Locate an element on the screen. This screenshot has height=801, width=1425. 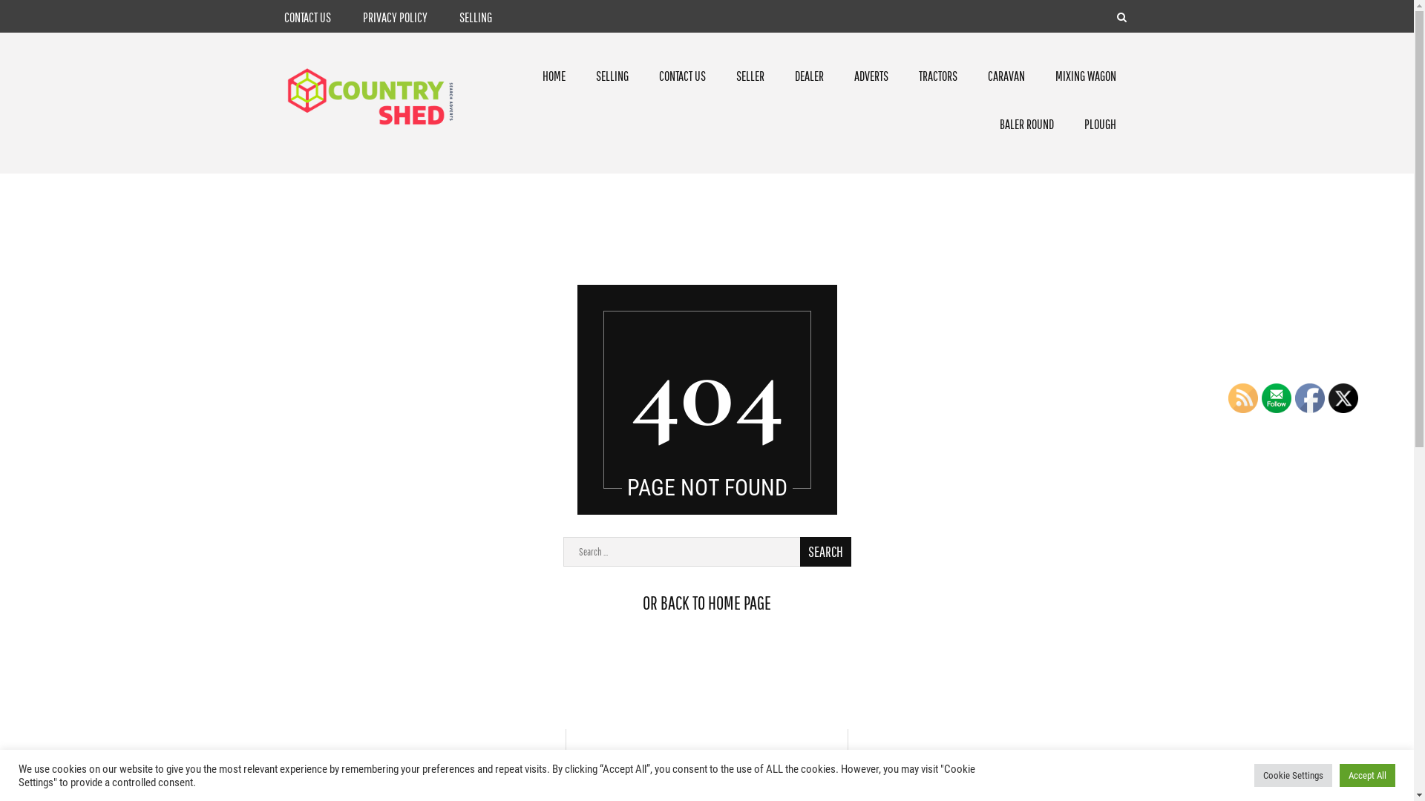
'HOME' is located at coordinates (553, 76).